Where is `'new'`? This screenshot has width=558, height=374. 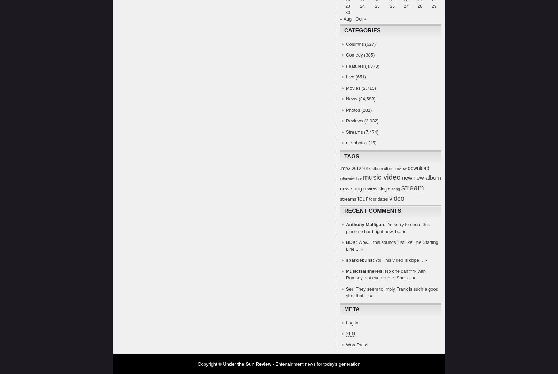 'new' is located at coordinates (407, 177).